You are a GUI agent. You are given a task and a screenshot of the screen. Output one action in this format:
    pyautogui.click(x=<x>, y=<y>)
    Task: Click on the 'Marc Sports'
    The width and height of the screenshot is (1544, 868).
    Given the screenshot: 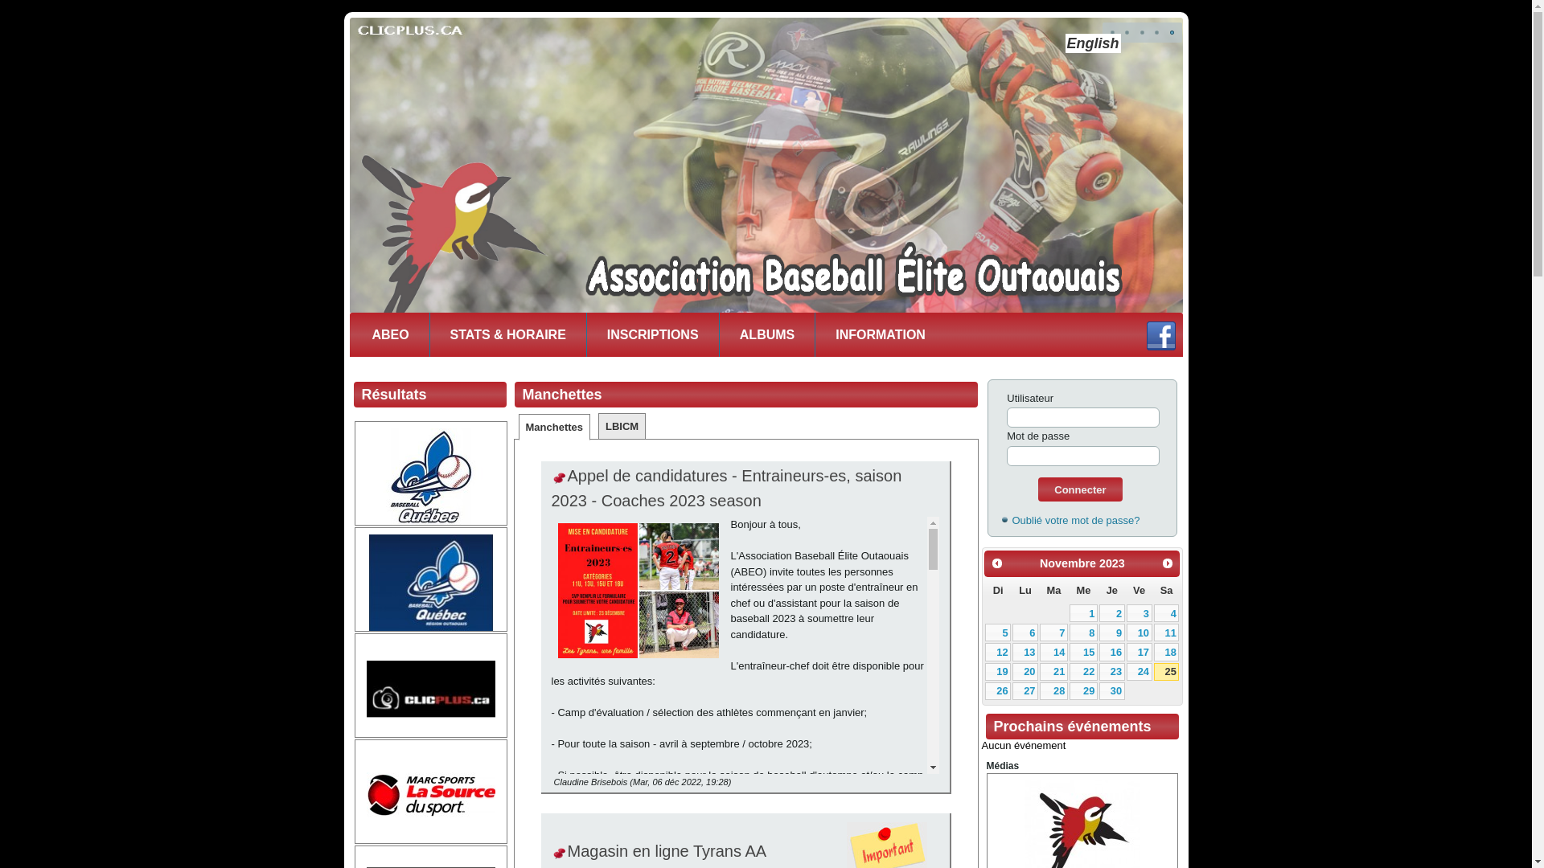 What is the action you would take?
    pyautogui.click(x=431, y=793)
    